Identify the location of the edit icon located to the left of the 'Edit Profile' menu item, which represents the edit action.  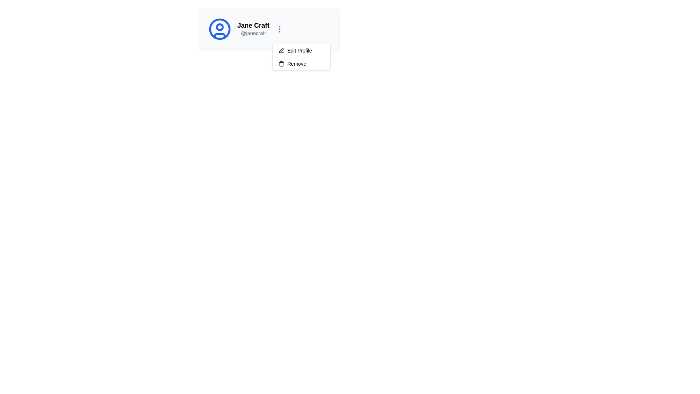
(281, 50).